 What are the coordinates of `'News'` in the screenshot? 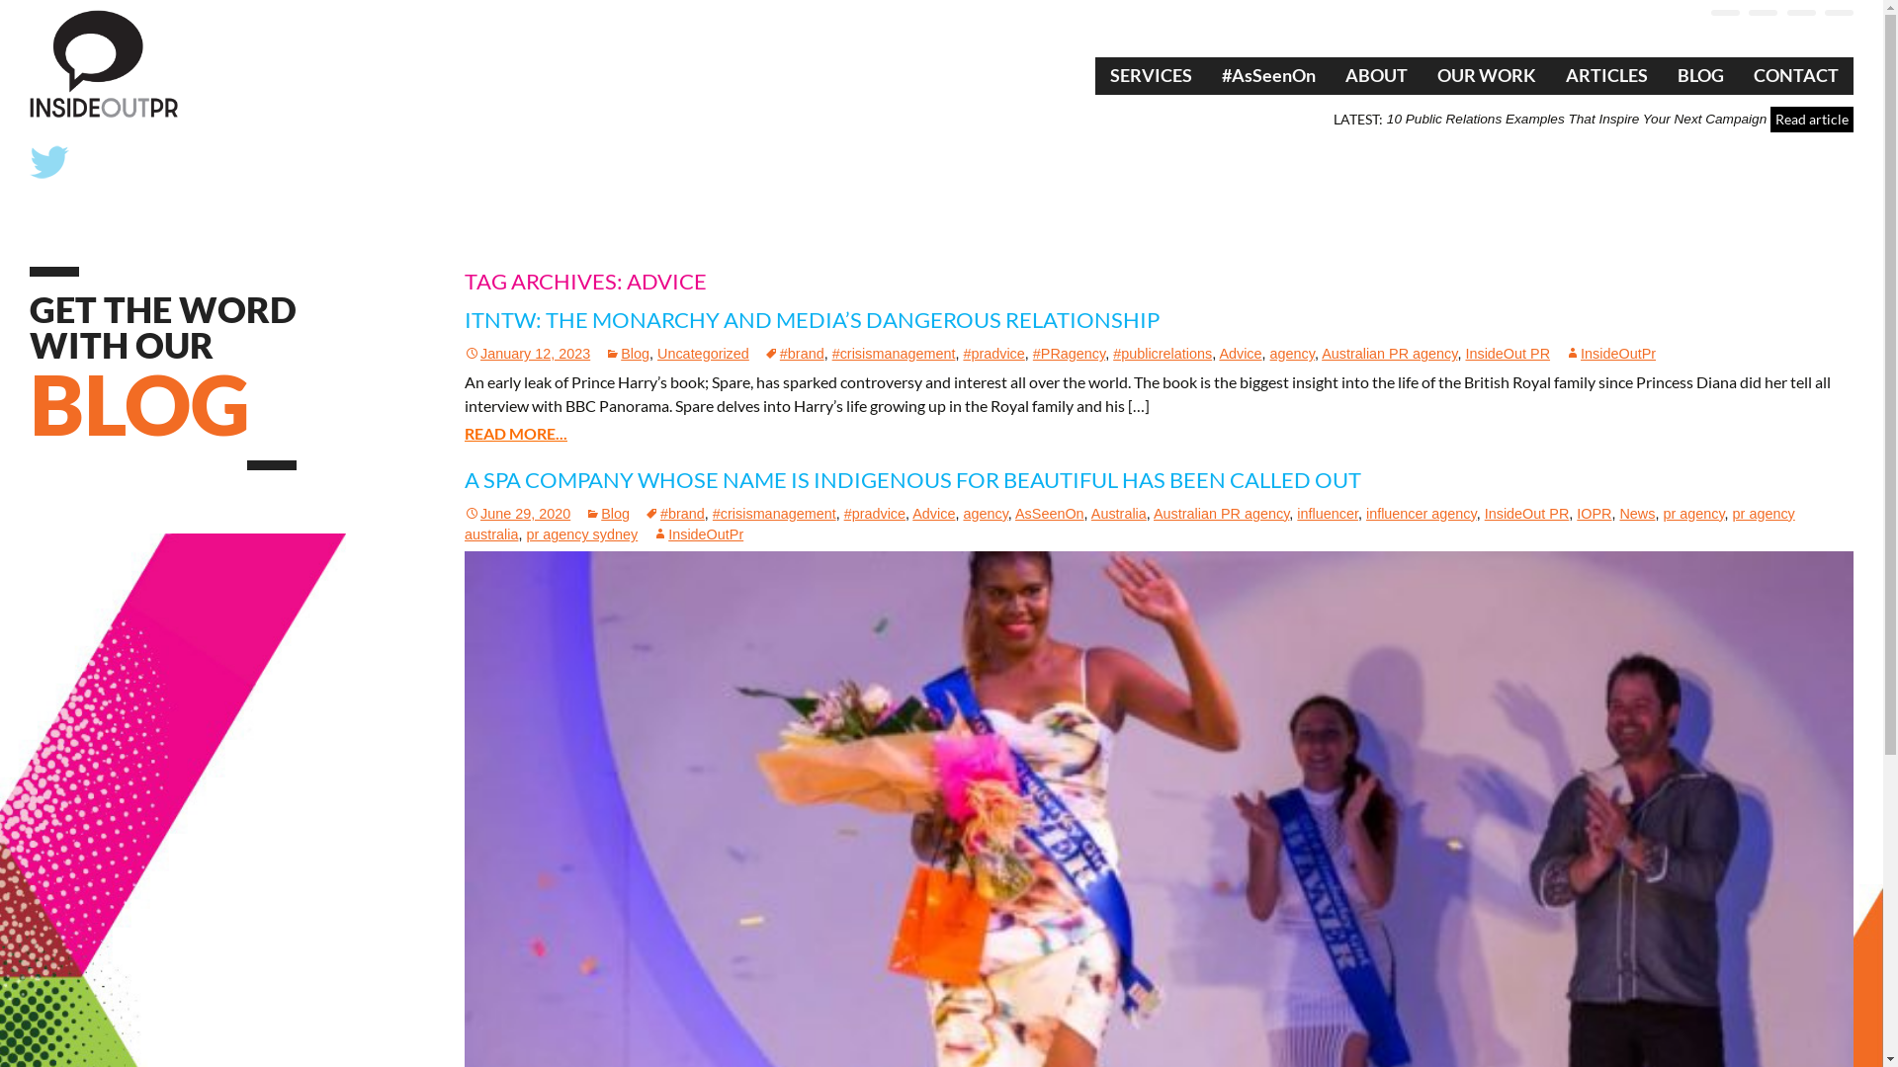 It's located at (1637, 513).